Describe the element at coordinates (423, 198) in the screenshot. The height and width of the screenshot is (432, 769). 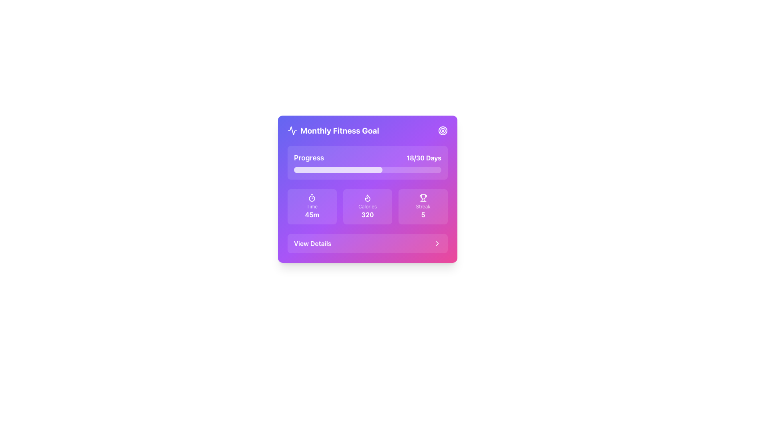
I see `the meaning of the streak achievement icon located` at that location.